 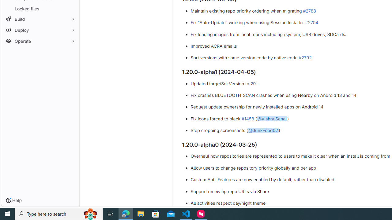 I want to click on '@VishnuSanal', so click(x=272, y=118).